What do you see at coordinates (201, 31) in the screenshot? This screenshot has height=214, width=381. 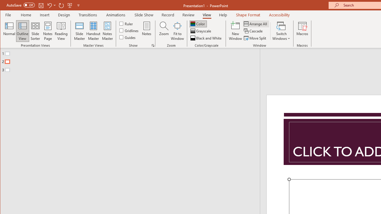 I see `'Grayscale'` at bounding box center [201, 31].